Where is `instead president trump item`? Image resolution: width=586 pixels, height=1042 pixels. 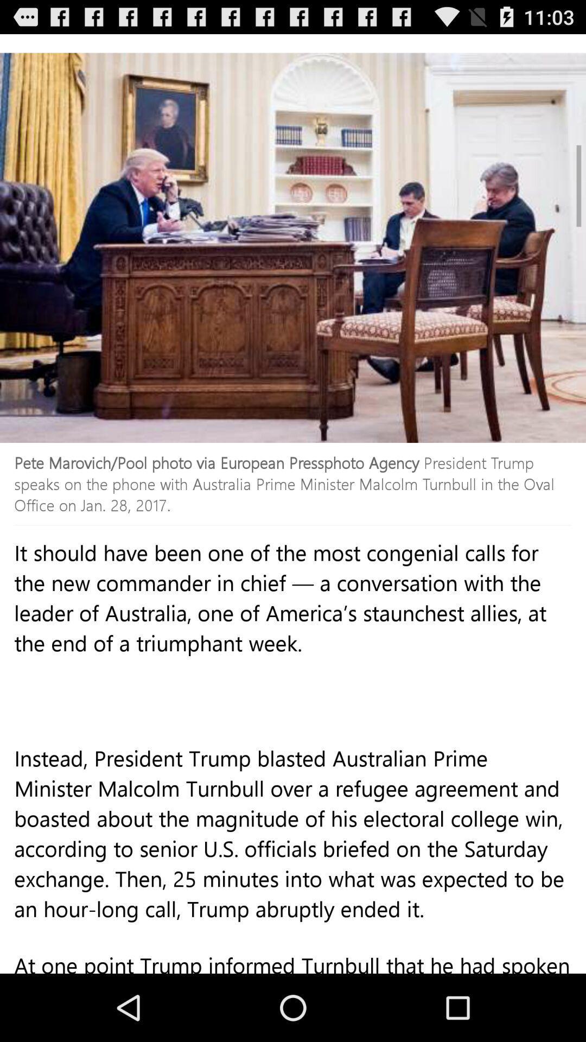
instead president trump item is located at coordinates (293, 856).